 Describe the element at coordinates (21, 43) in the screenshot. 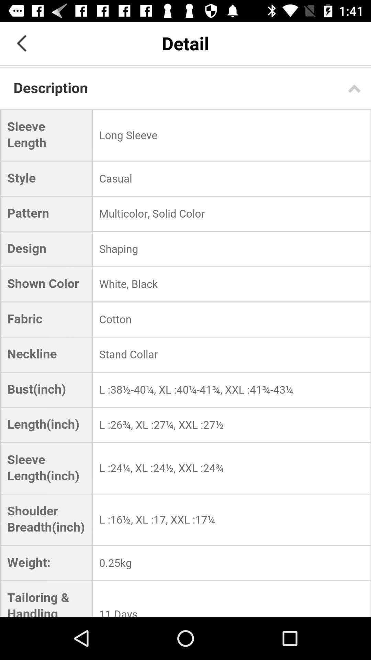

I see `previous page` at that location.